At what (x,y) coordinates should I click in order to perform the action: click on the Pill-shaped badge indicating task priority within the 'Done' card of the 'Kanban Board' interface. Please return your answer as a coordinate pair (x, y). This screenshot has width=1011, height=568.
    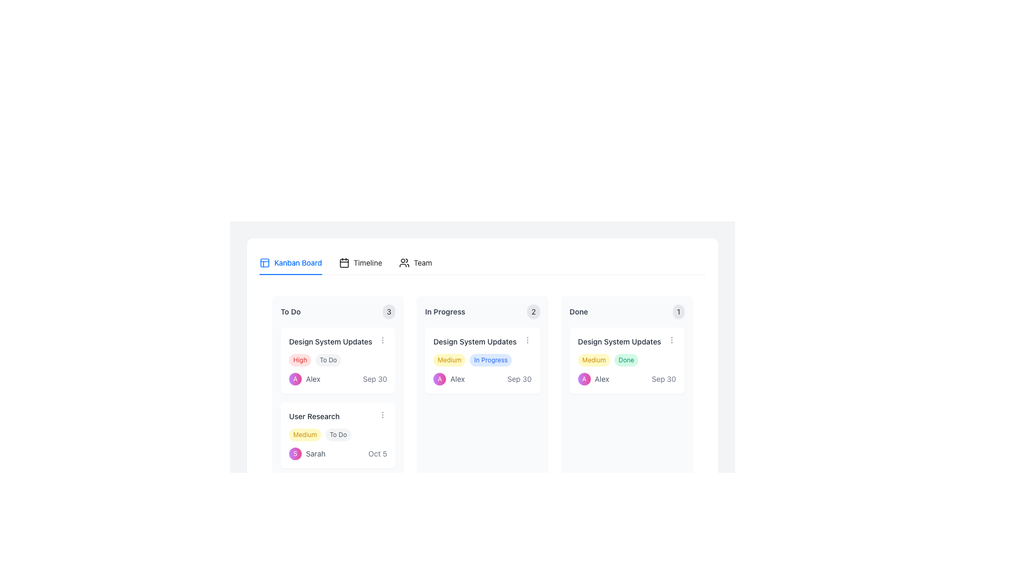
    Looking at the image, I should click on (594, 360).